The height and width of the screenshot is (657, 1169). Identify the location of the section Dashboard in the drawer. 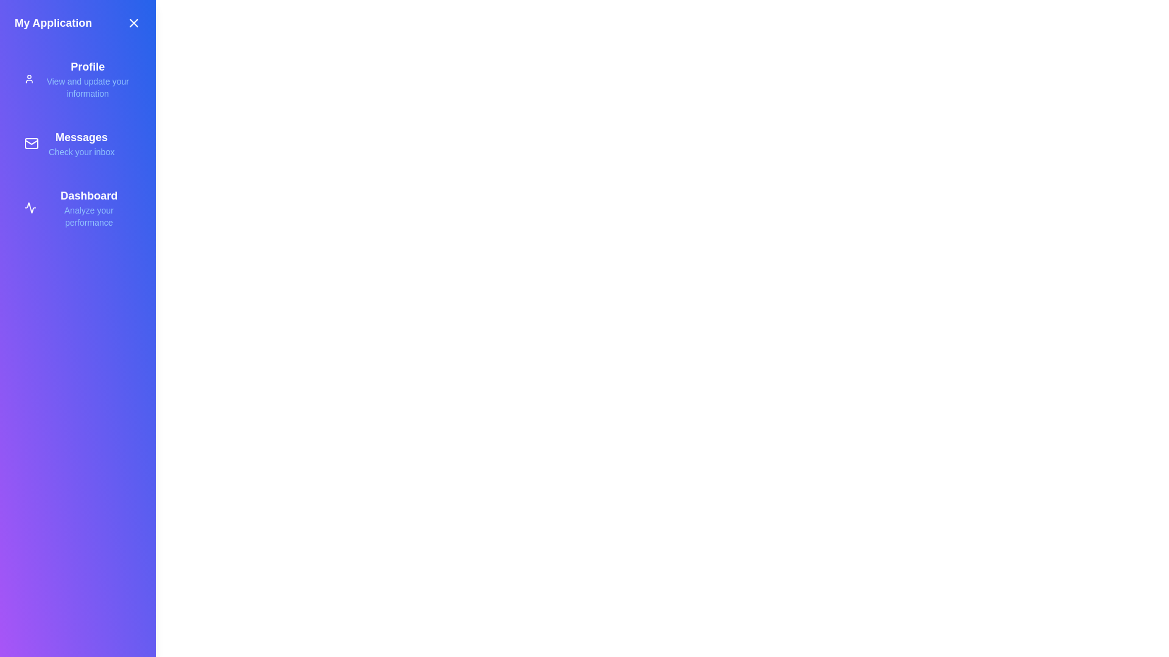
(77, 207).